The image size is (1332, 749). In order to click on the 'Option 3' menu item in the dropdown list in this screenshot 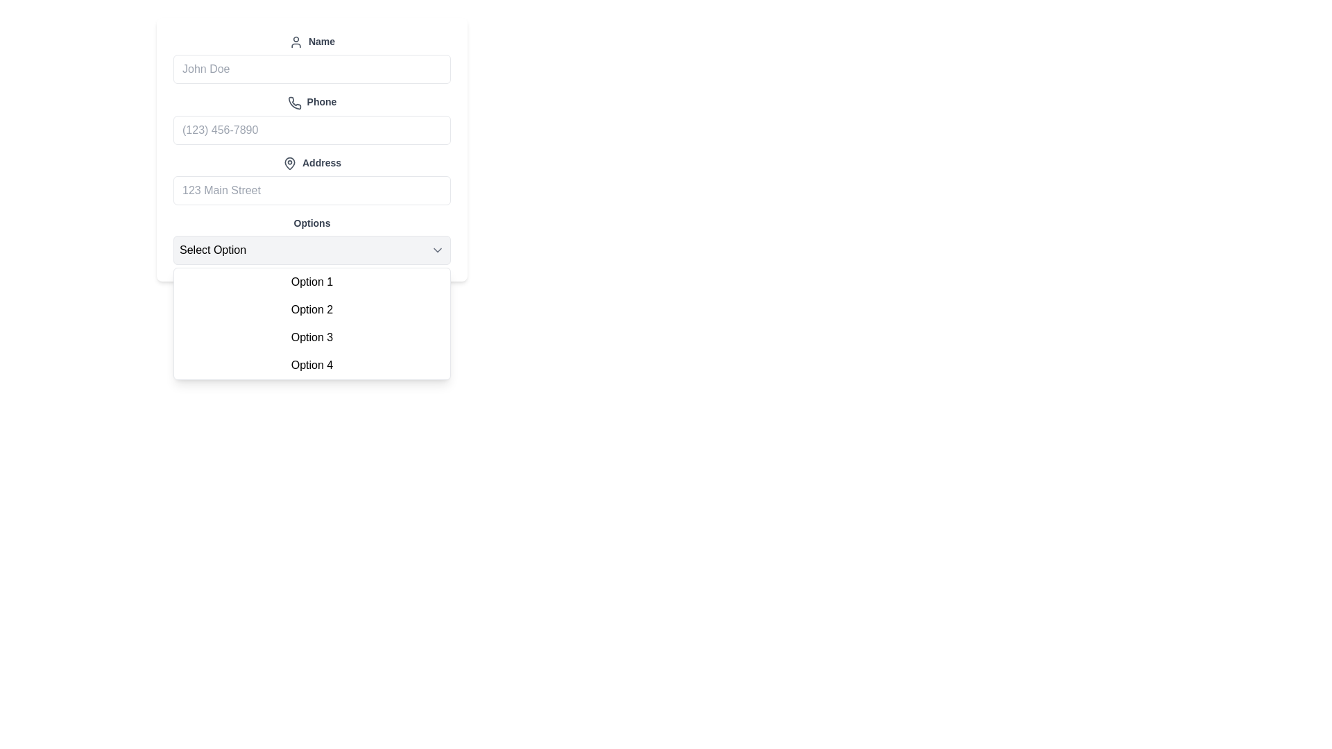, I will do `click(311, 337)`.